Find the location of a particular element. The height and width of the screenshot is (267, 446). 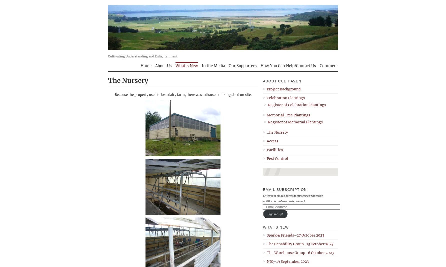

'The Warehouse Group–6 October 2023' is located at coordinates (300, 253).